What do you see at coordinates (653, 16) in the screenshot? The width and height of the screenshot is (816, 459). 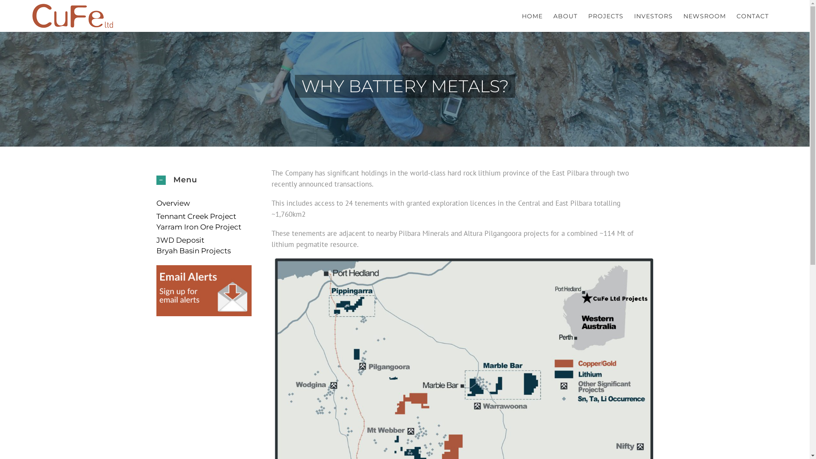 I see `'INVESTORS'` at bounding box center [653, 16].